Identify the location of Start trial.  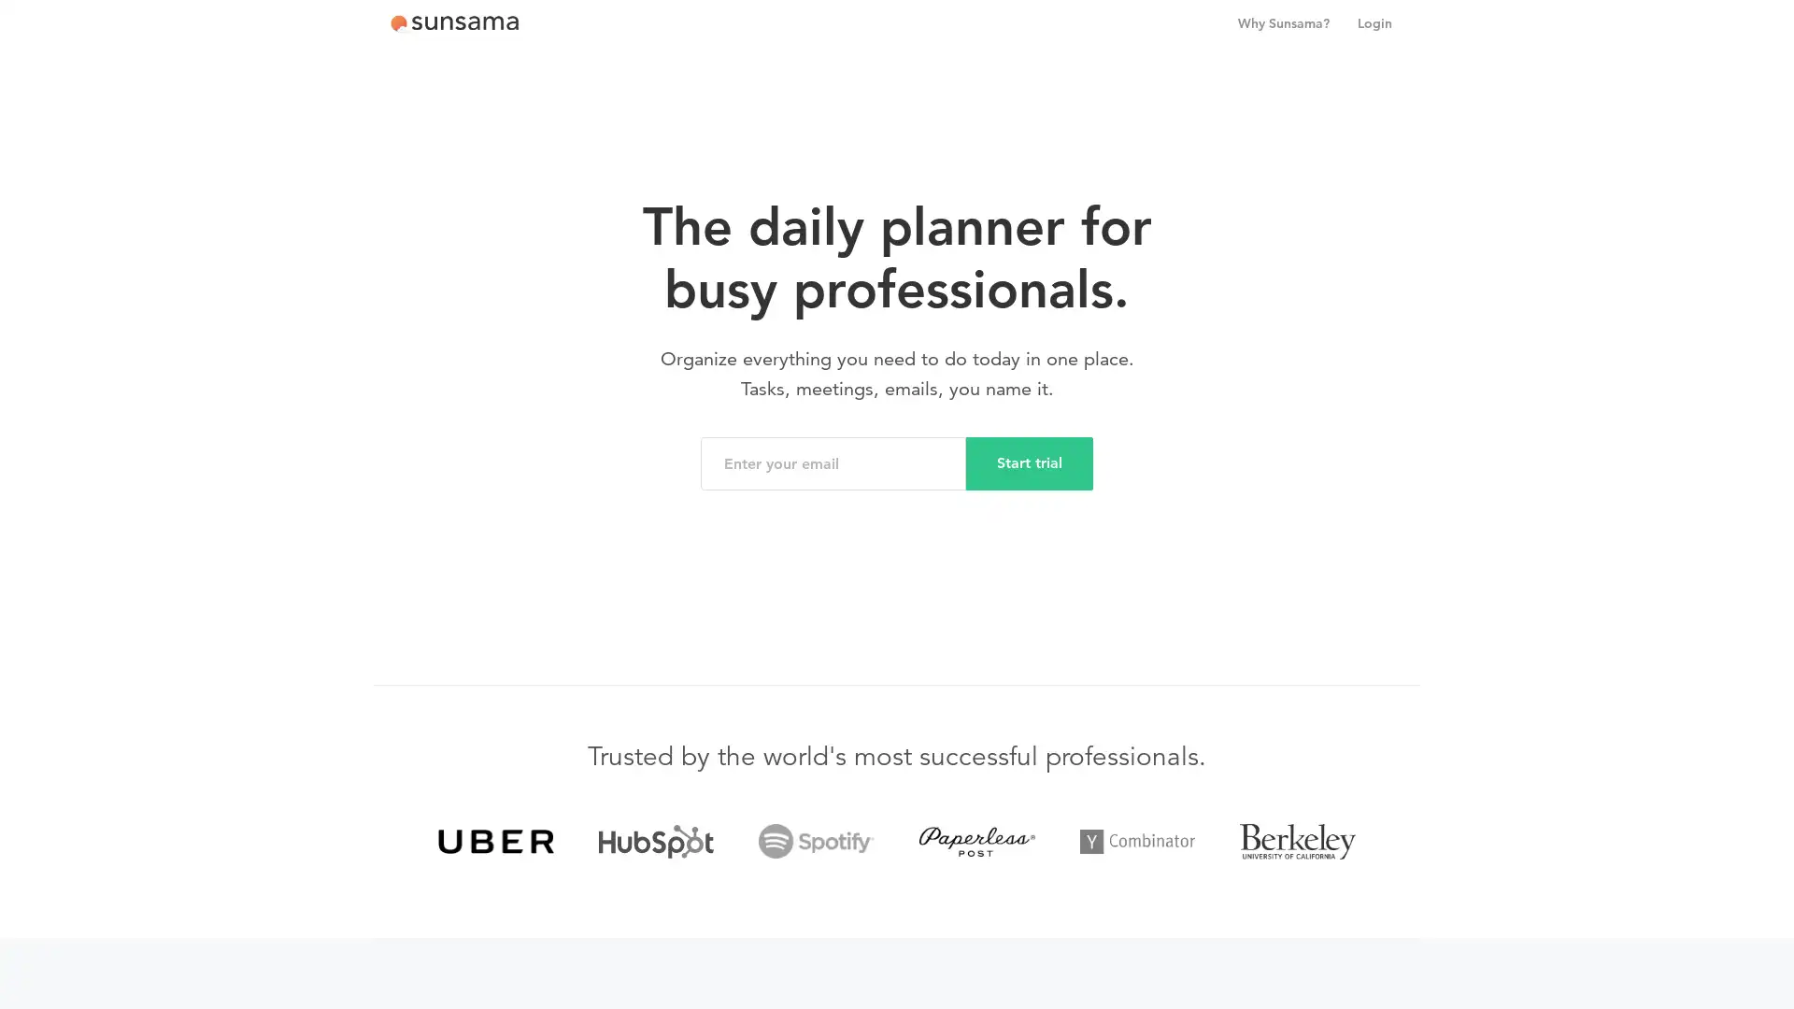
(1029, 462).